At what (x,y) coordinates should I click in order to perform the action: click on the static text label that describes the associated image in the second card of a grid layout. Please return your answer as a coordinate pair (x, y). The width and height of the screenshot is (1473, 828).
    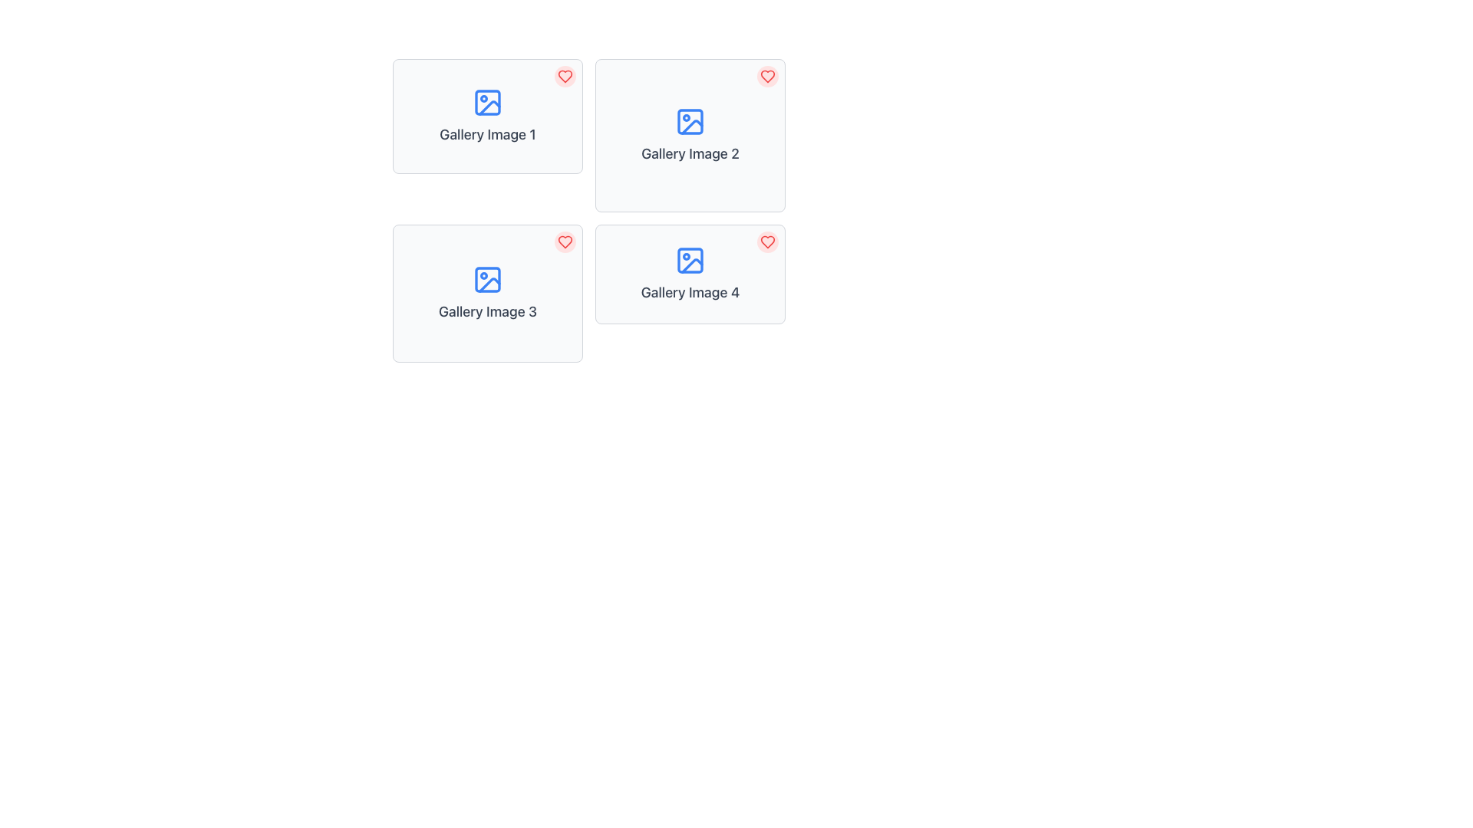
    Looking at the image, I should click on (690, 153).